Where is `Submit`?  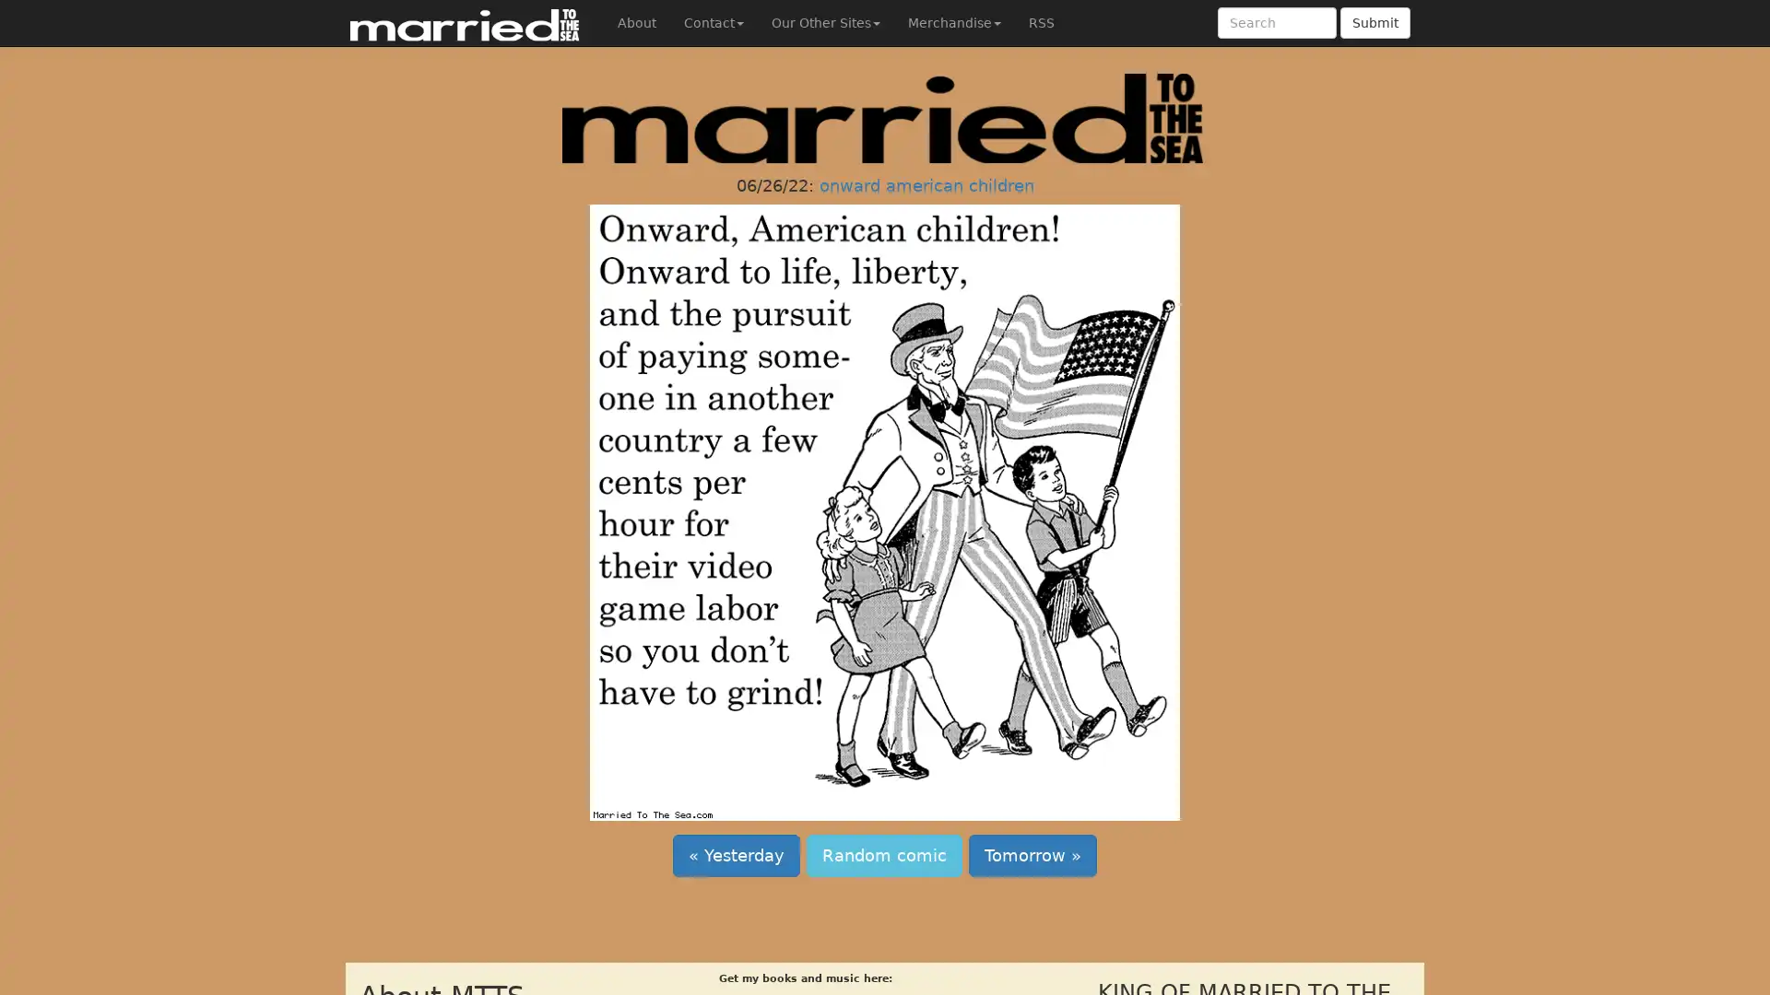 Submit is located at coordinates (1375, 22).